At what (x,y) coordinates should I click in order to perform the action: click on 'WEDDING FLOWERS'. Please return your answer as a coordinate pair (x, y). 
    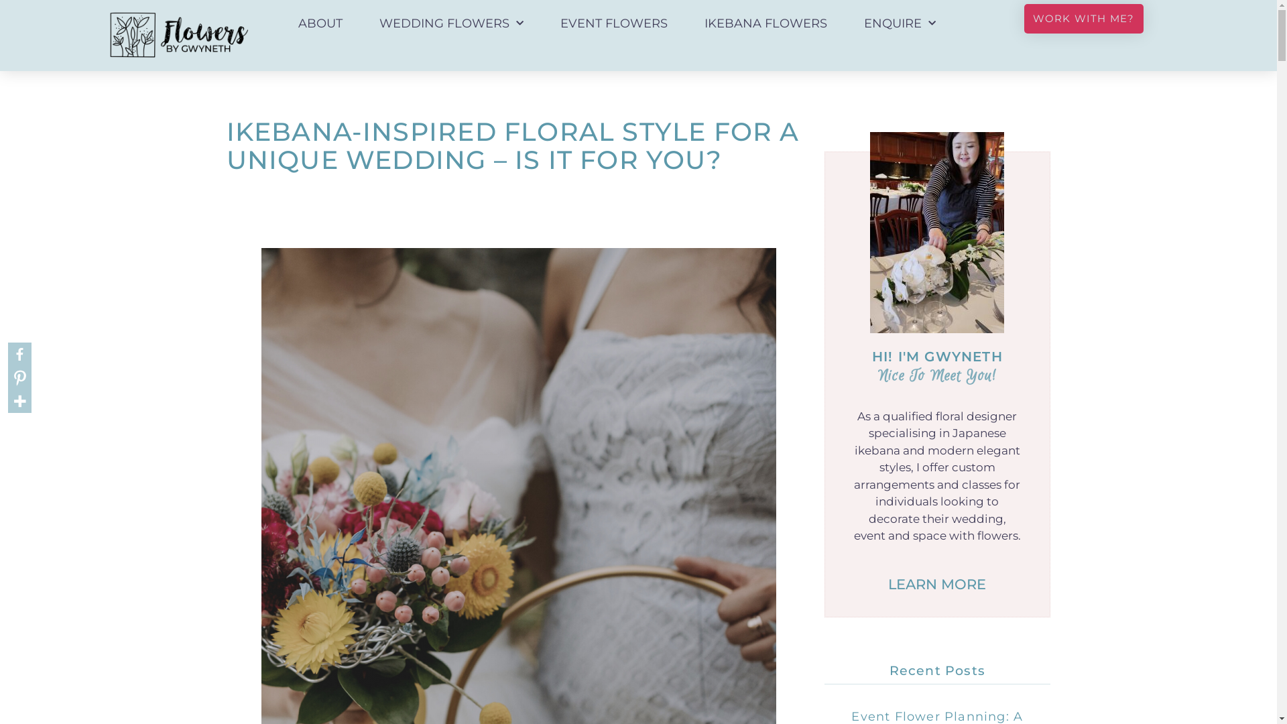
    Looking at the image, I should click on (451, 23).